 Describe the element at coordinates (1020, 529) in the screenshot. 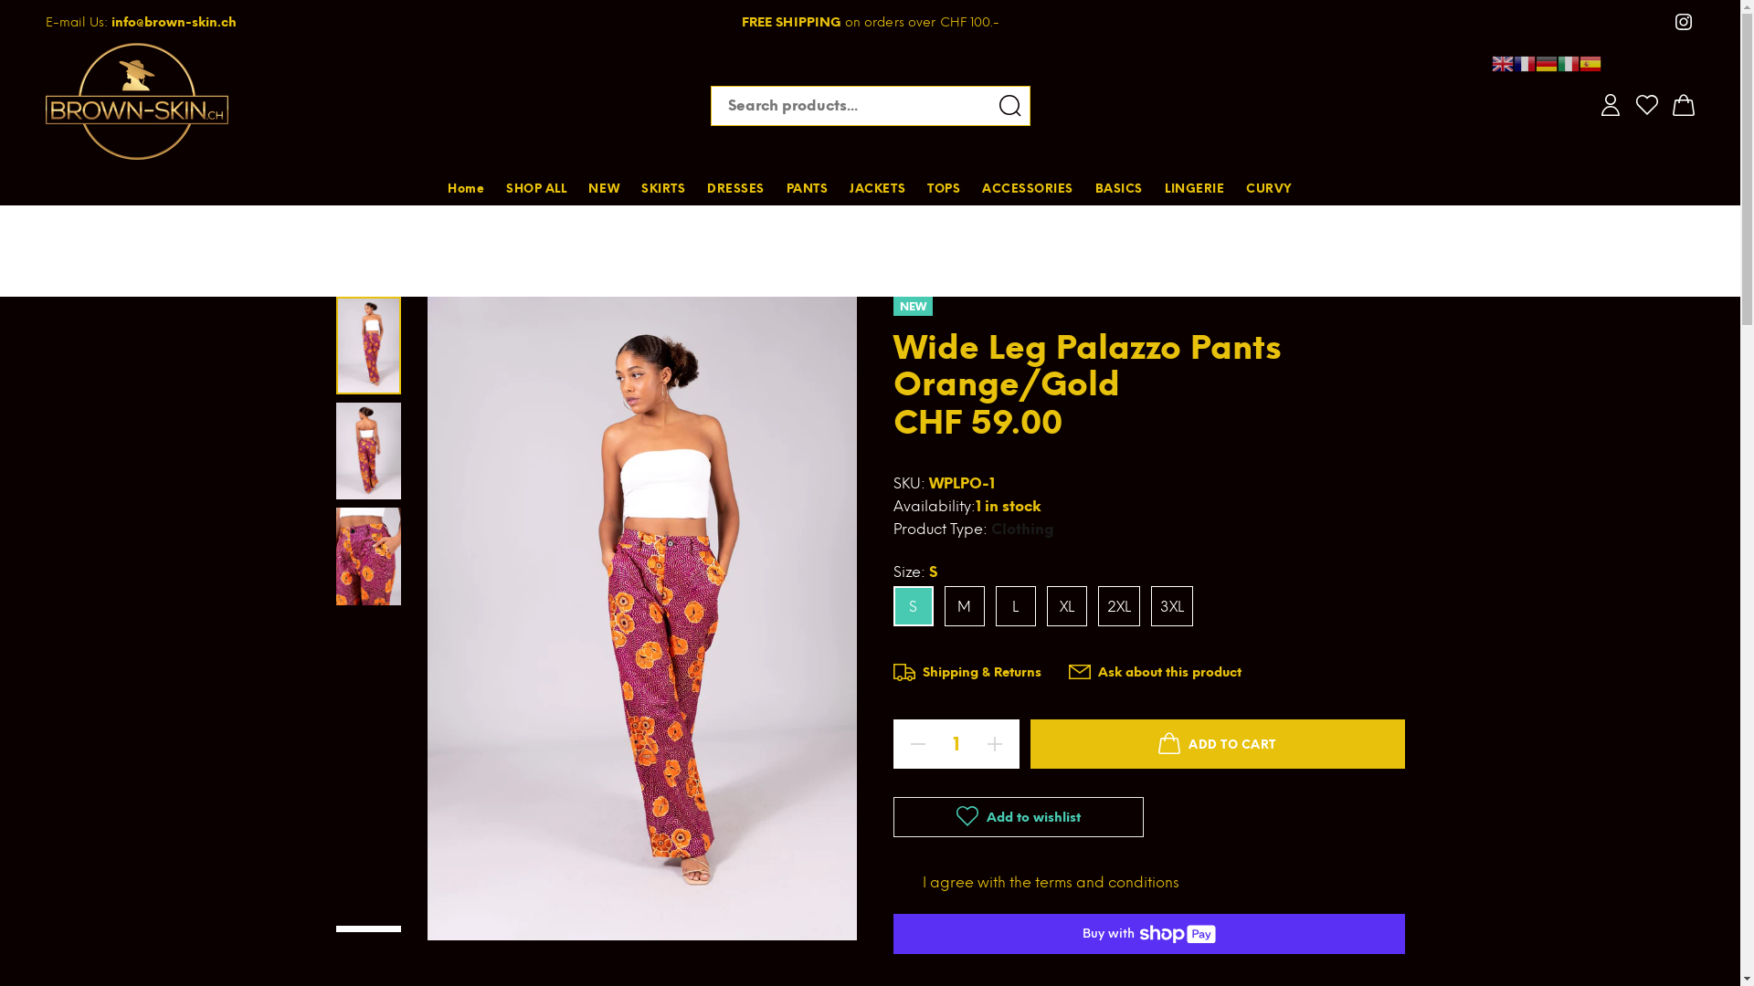

I see `'Clothing'` at that location.